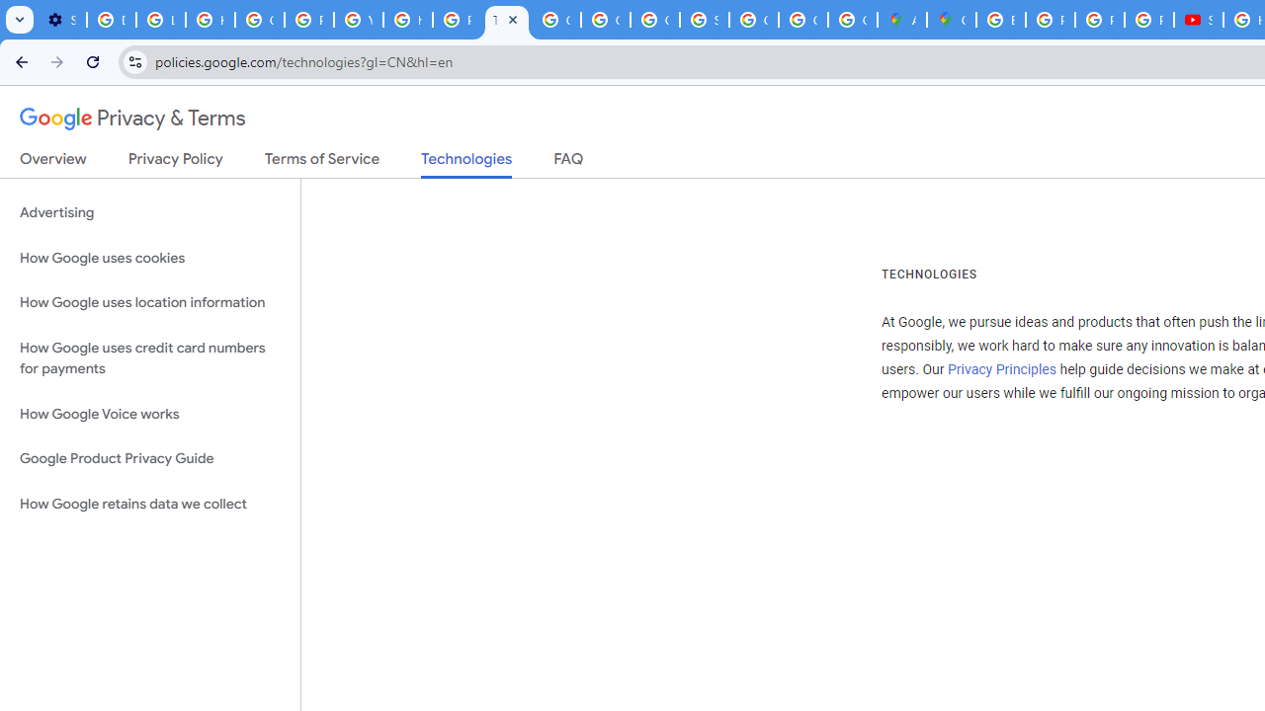  What do you see at coordinates (149, 302) in the screenshot?
I see `'How Google uses location information'` at bounding box center [149, 302].